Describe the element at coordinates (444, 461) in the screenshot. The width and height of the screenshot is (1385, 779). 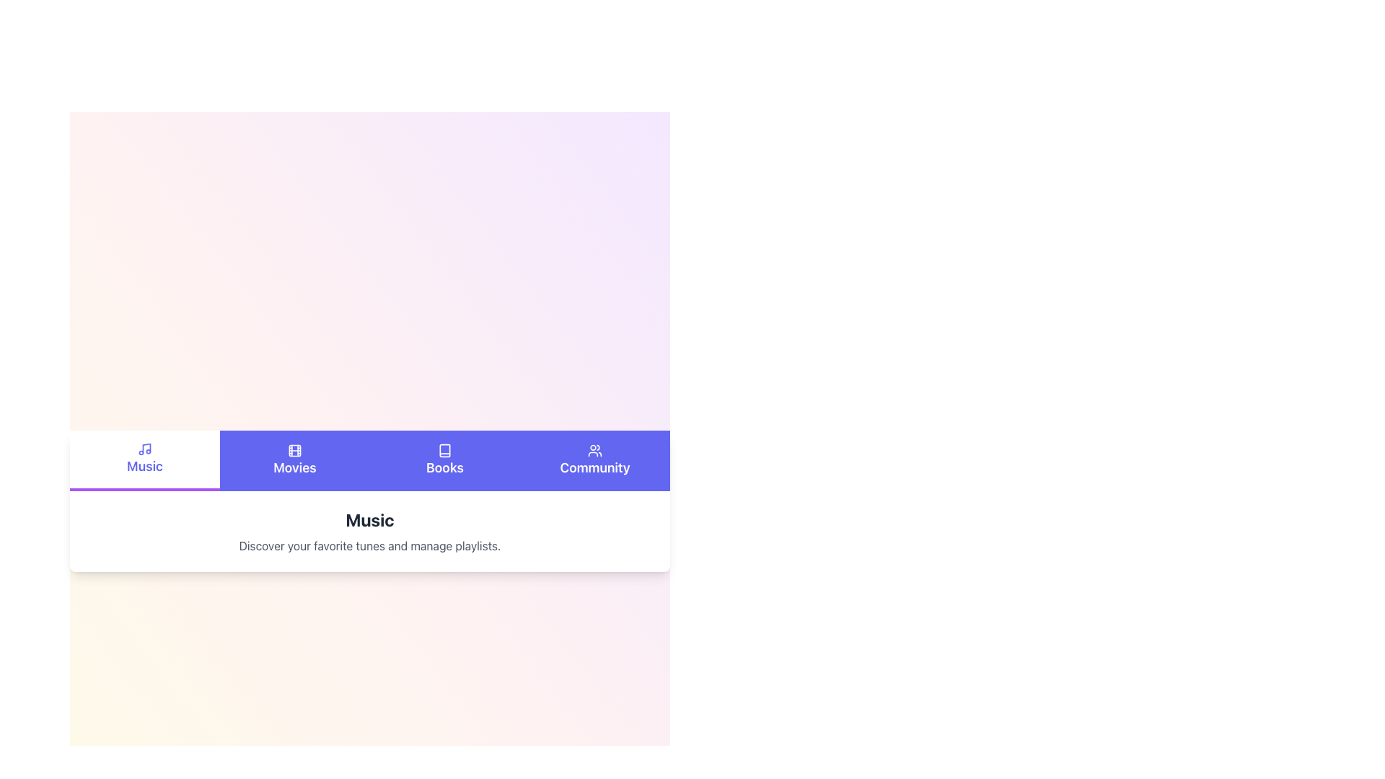
I see `the Navigation Button located as the third item in the horizontal menu` at that location.